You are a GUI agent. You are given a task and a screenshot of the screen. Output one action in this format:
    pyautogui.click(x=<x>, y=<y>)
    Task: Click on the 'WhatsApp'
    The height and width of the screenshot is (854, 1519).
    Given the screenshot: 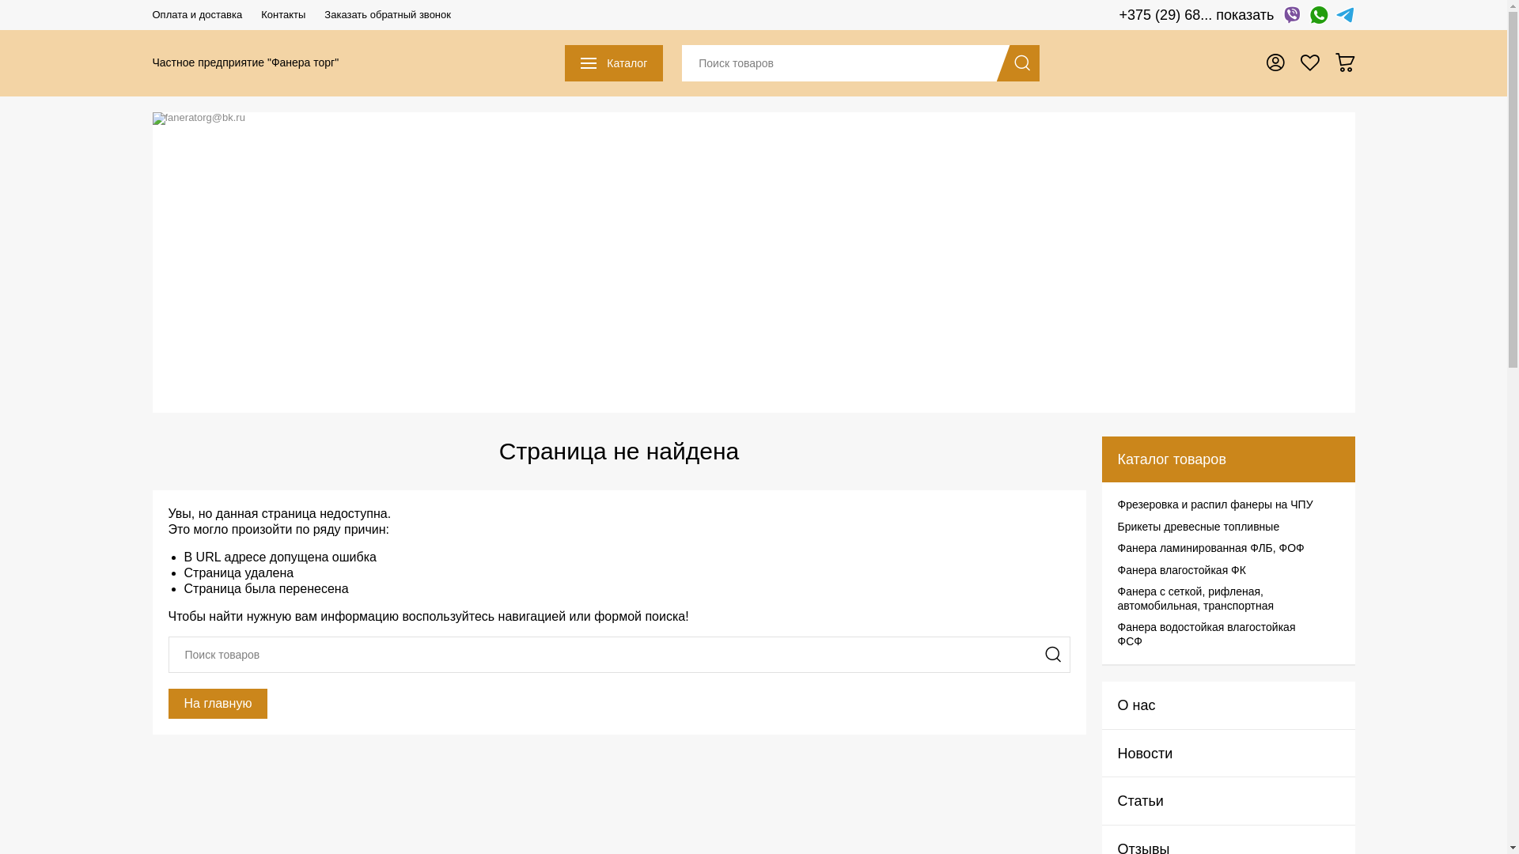 What is the action you would take?
    pyautogui.click(x=1309, y=15)
    